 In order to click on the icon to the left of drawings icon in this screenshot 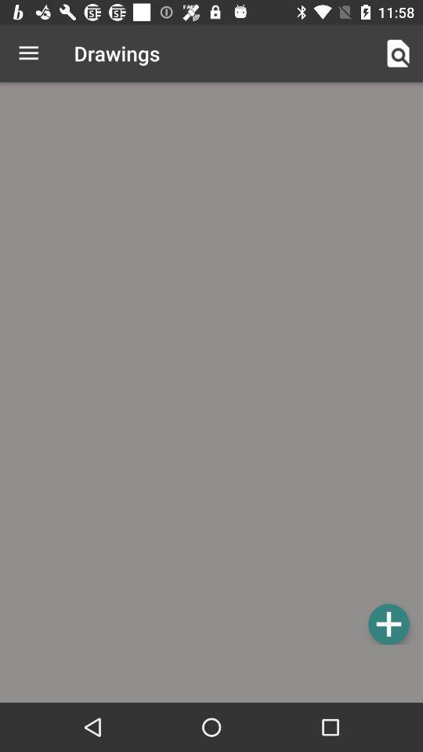, I will do `click(28, 53)`.